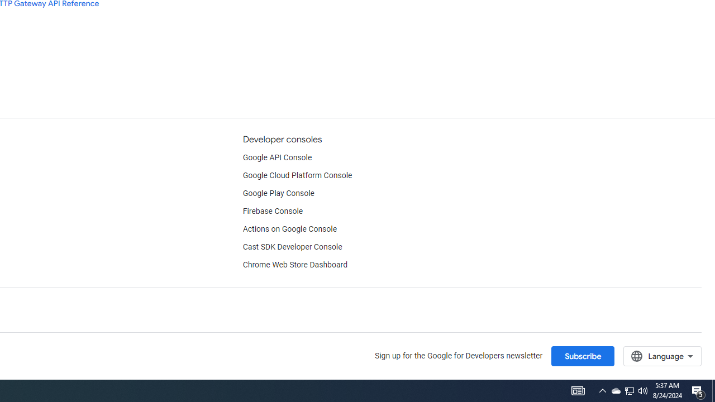 Image resolution: width=715 pixels, height=402 pixels. I want to click on 'Firebase Console', so click(273, 212).